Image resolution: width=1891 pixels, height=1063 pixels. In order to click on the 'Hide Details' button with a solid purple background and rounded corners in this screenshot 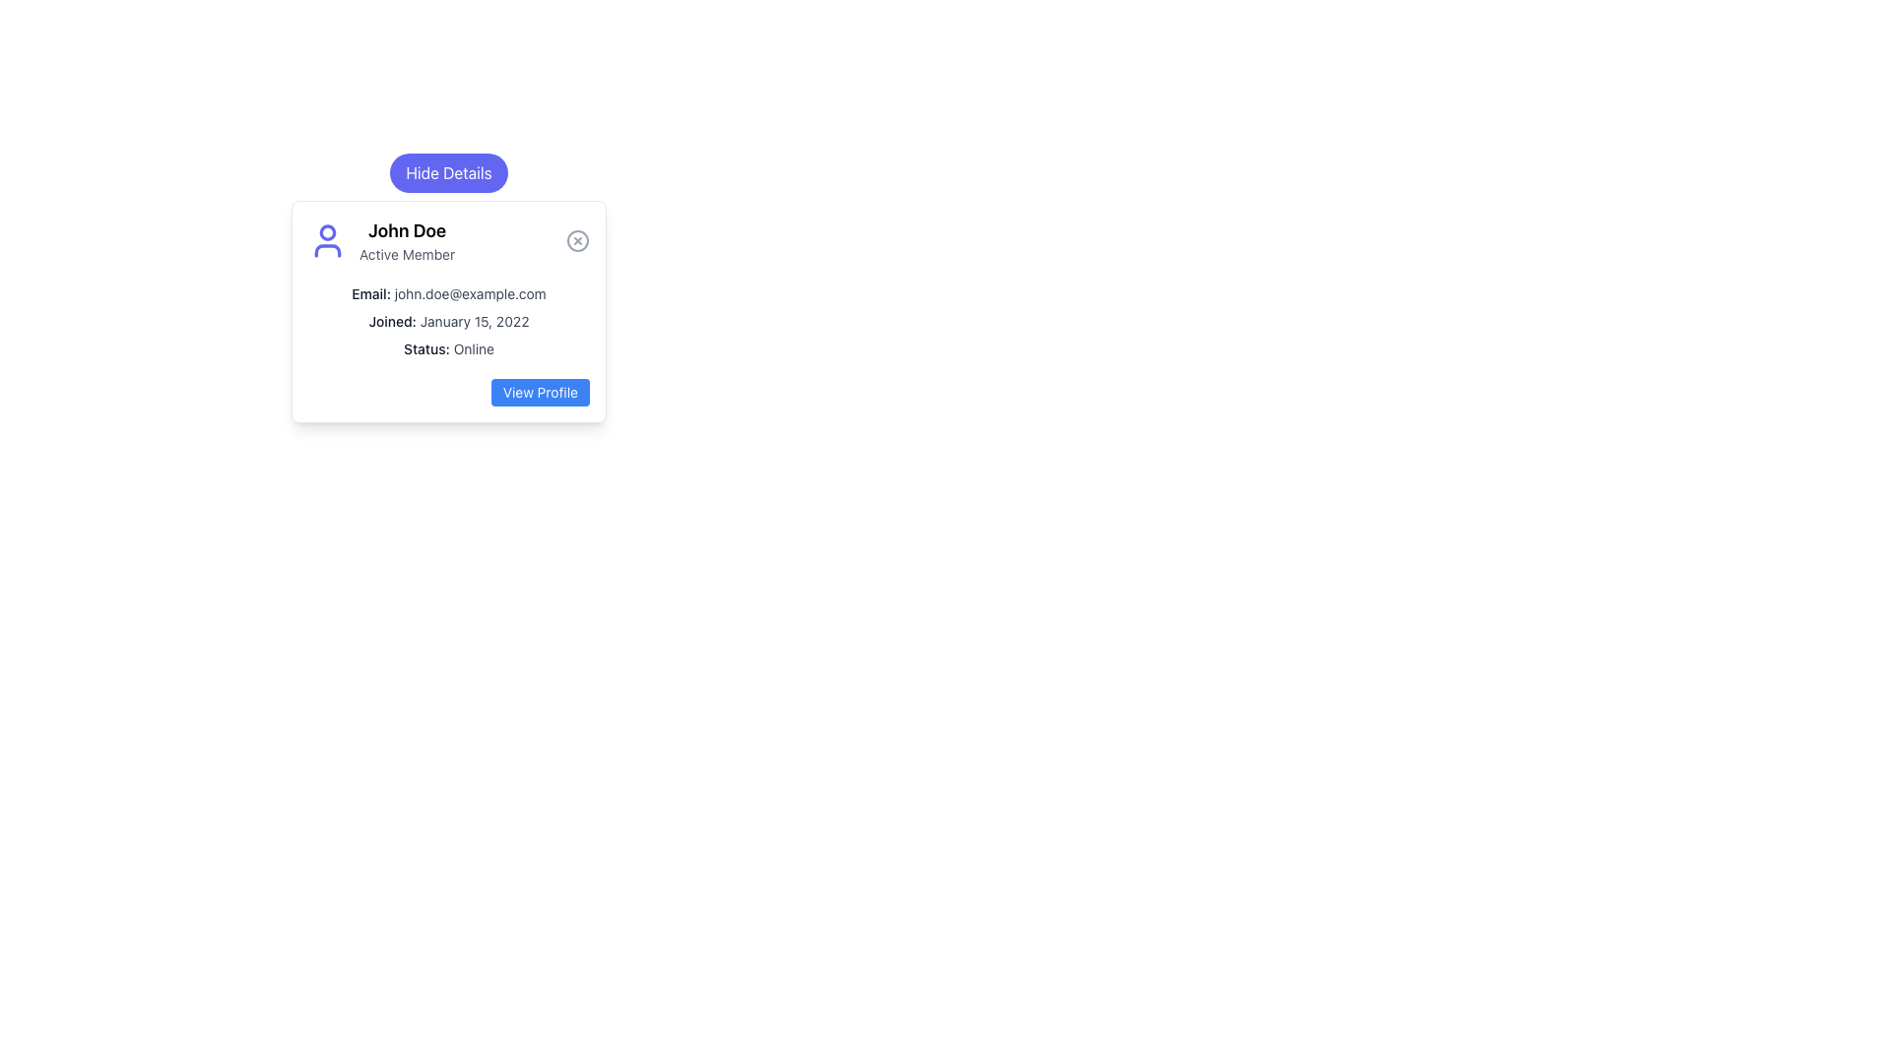, I will do `click(448, 172)`.